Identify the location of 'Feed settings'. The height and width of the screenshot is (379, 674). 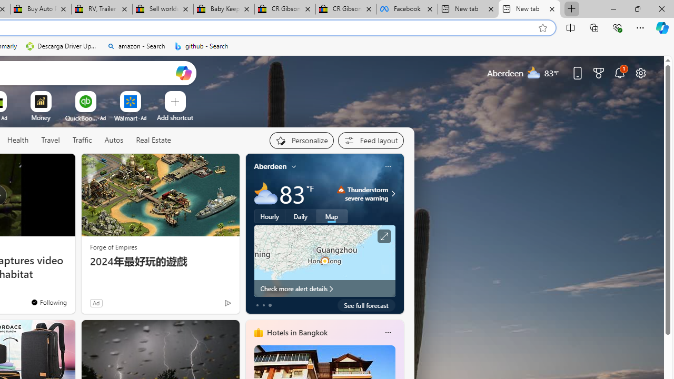
(371, 140).